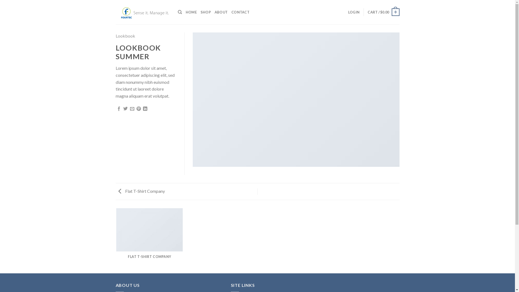  I want to click on 'CONTACT', so click(240, 12).